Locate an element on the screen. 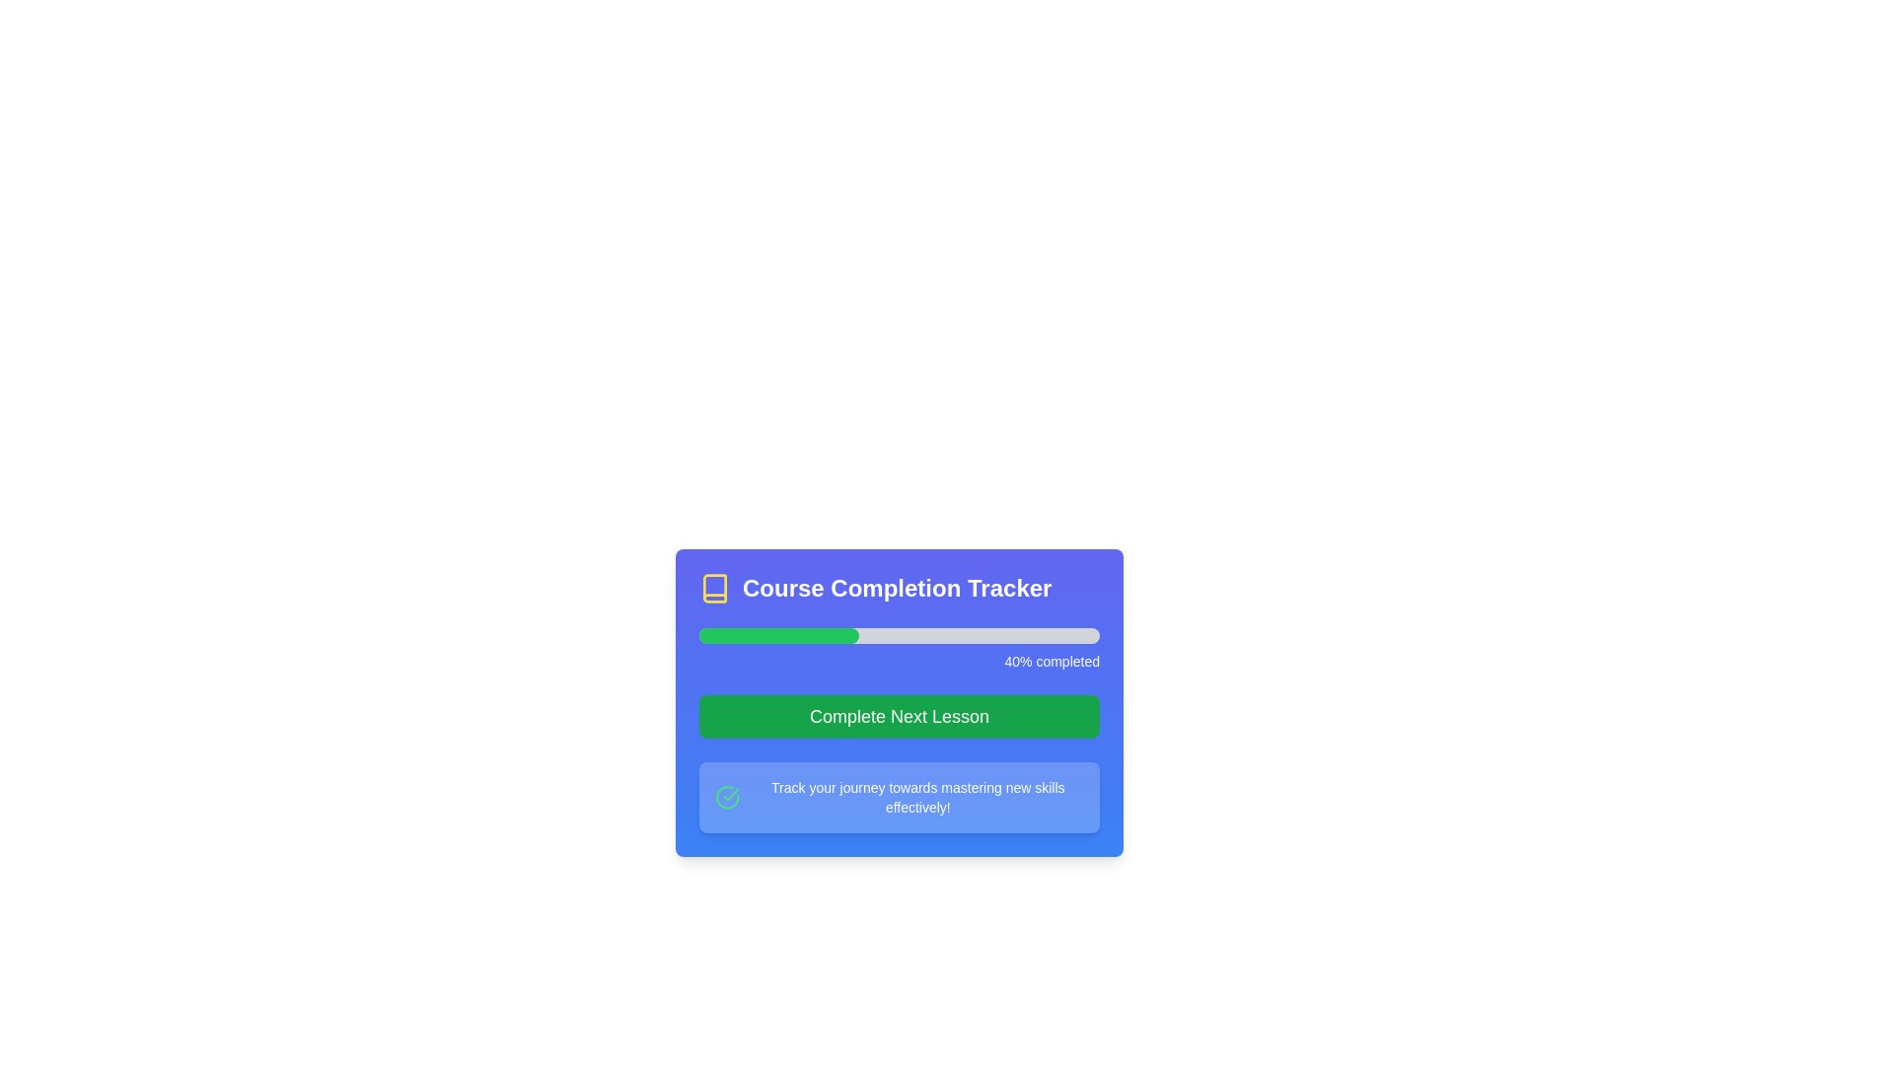 This screenshot has width=1894, height=1065. the button located centrally within the card content area, positioned below the '40% completed' progress indicator, to initiate navigation to the next lesson is located at coordinates (899, 716).